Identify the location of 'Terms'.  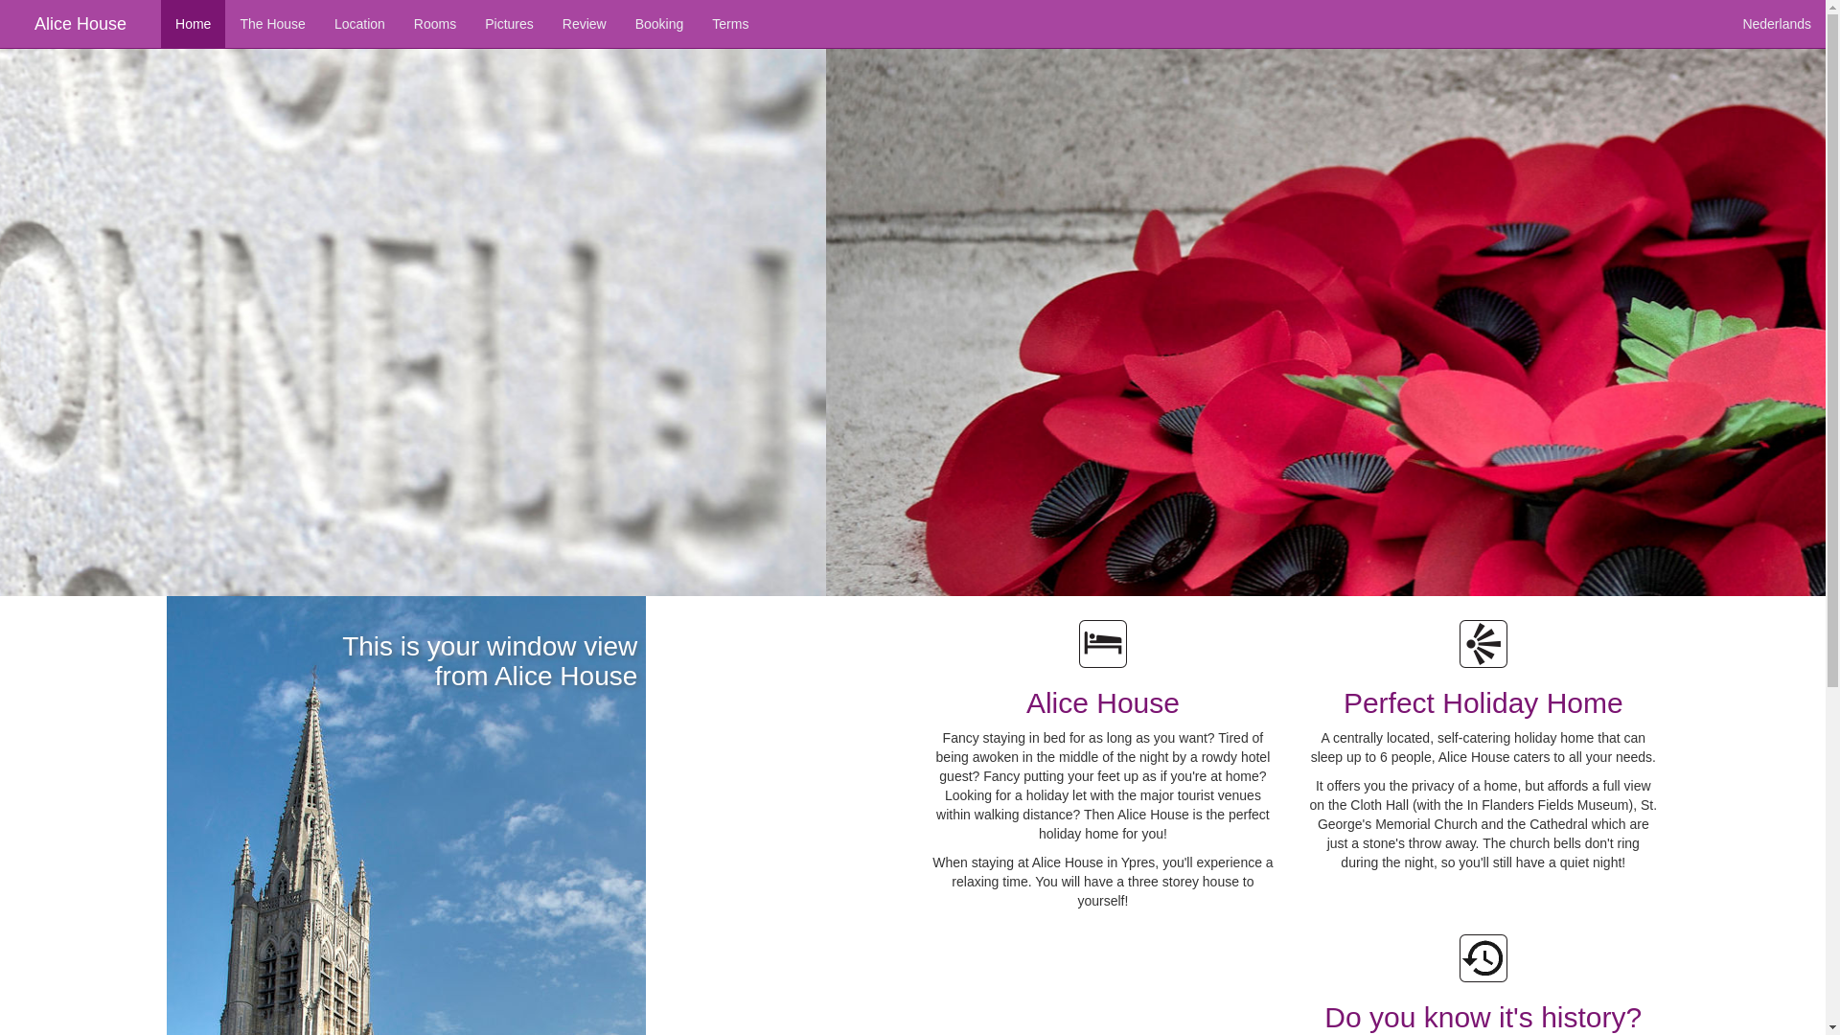
(729, 23).